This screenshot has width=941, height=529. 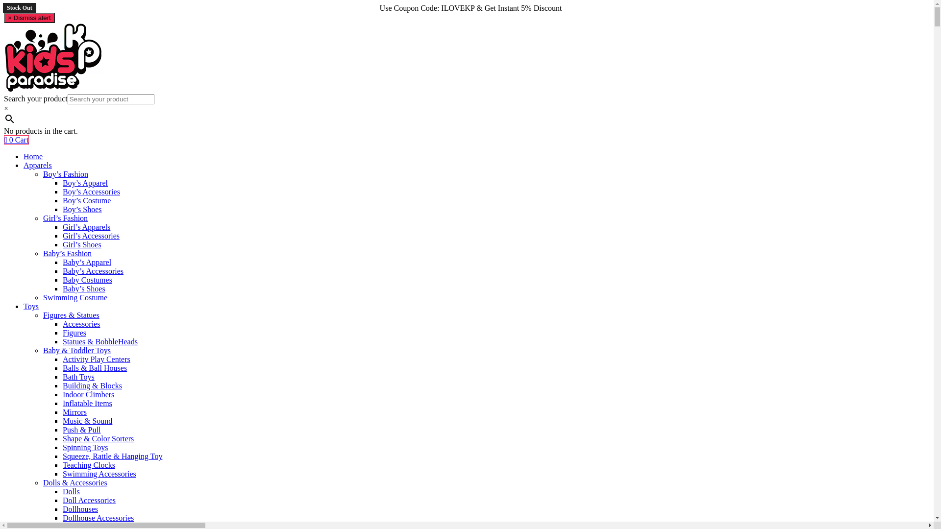 What do you see at coordinates (80, 508) in the screenshot?
I see `'Dollhouses'` at bounding box center [80, 508].